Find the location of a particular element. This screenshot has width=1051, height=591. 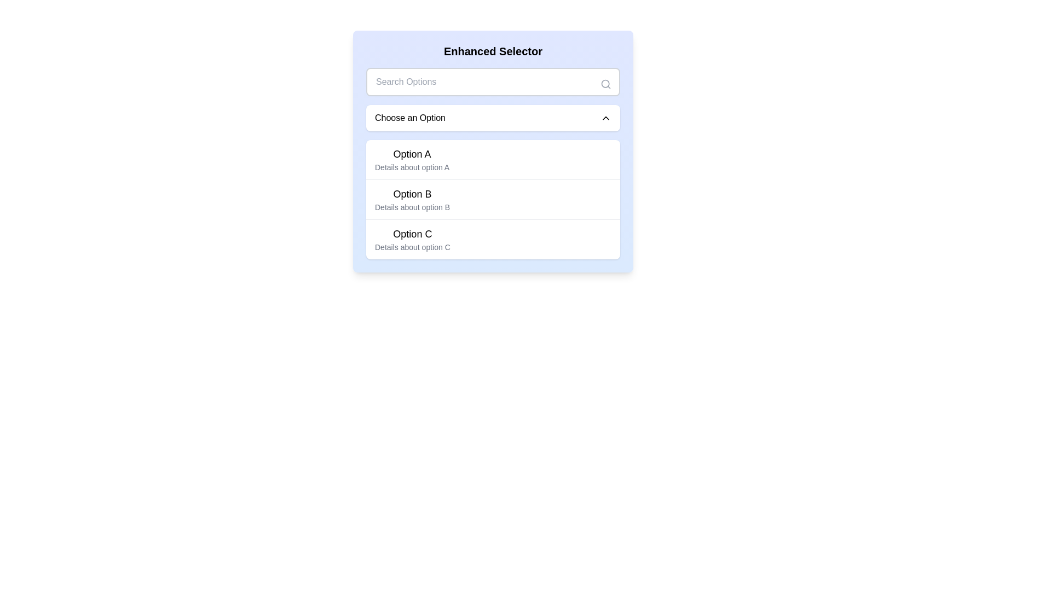

the text label displaying 'Option C', which is bold and medium-sized, located under the 'Choose an Option' header and below 'Option B' is located at coordinates (412, 234).